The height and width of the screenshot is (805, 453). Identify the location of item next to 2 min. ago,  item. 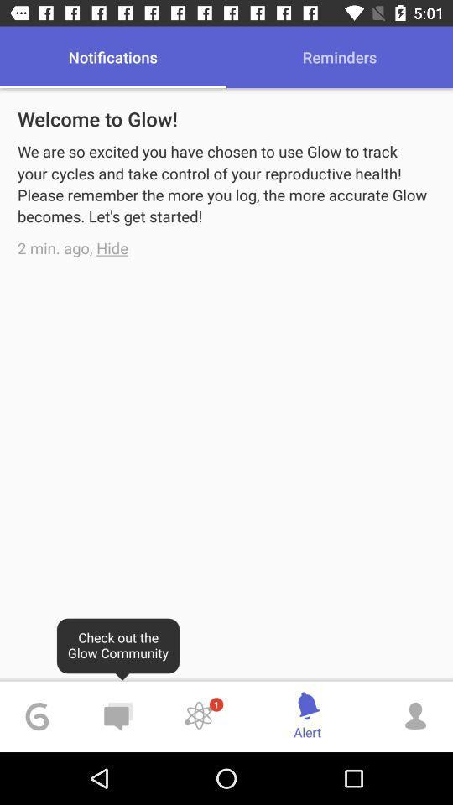
(112, 247).